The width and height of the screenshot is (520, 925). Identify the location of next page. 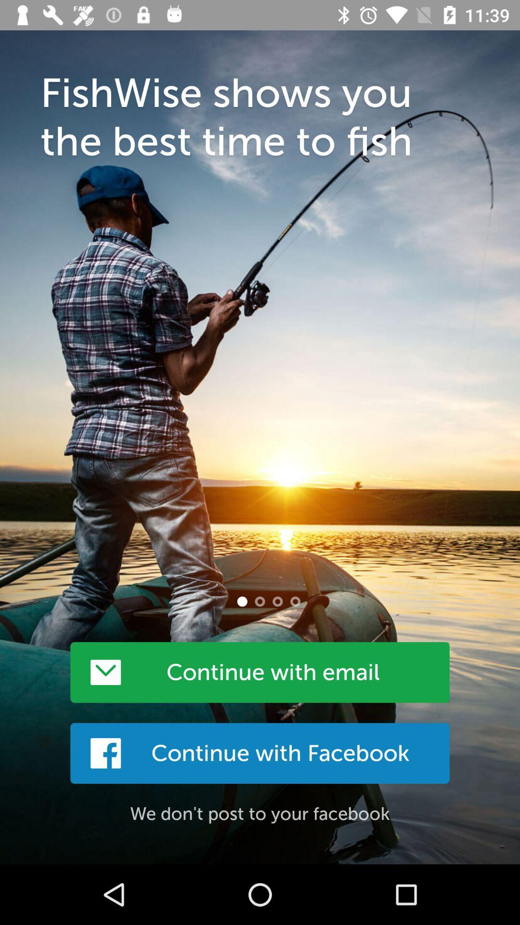
(260, 601).